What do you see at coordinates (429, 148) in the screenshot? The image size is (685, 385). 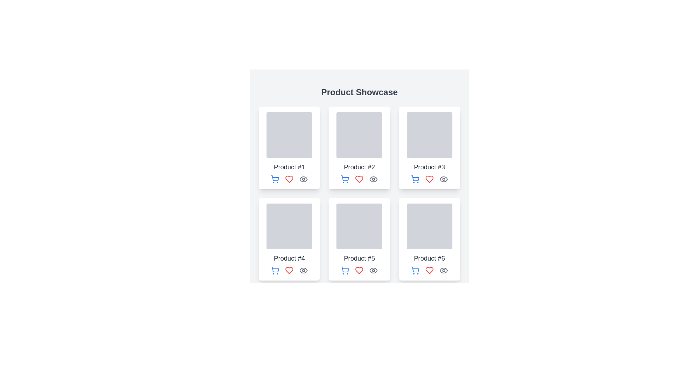 I see `the Product card labeled 'Product #3' located in the top row, third column of the grid layout` at bounding box center [429, 148].